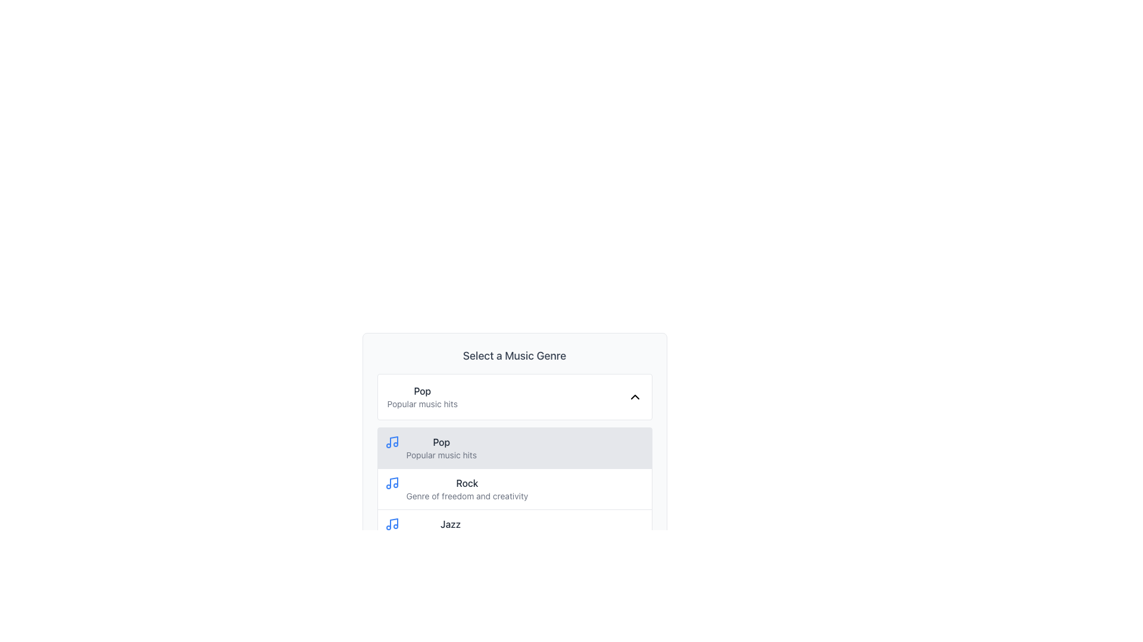  What do you see at coordinates (514, 489) in the screenshot?
I see `the second list item element that consists of a music note icon and the text 'Rock' and its description` at bounding box center [514, 489].